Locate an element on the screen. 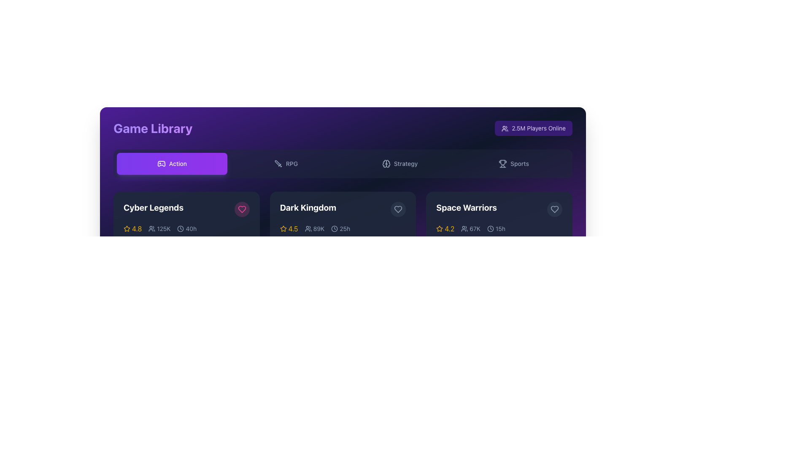 This screenshot has width=810, height=456. the circular SVG graphic that is part of the clock icon located in the toolbar area of the interface is located at coordinates (180, 229).